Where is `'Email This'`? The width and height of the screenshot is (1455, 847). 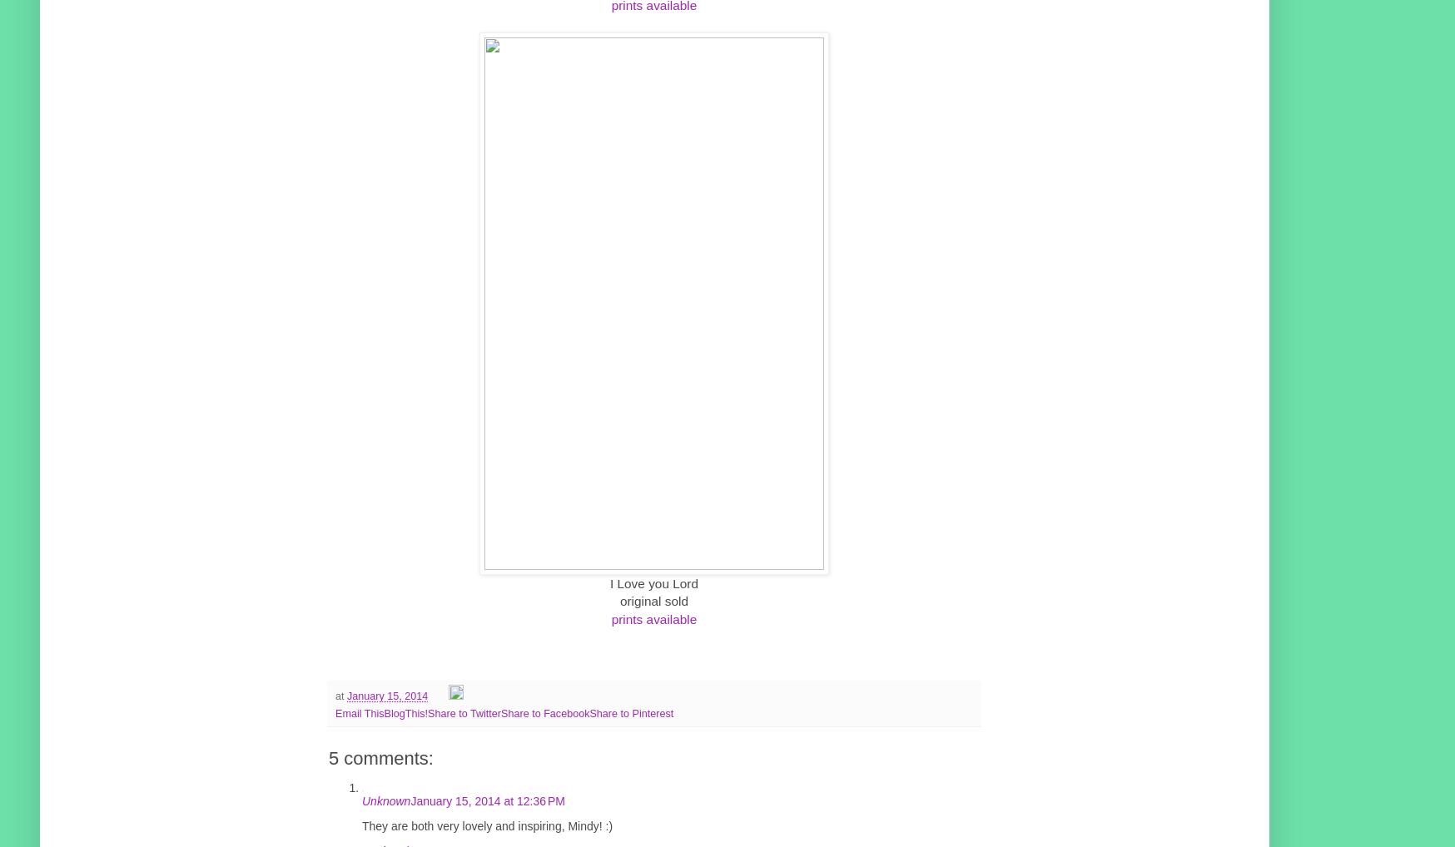
'Email This' is located at coordinates (359, 711).